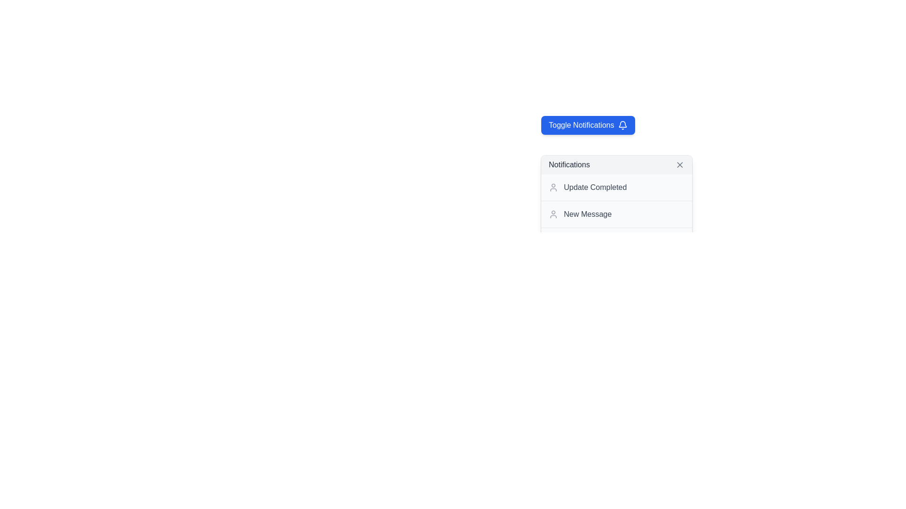 The image size is (906, 509). What do you see at coordinates (587, 214) in the screenshot?
I see `the 'New Message' text, which is rendered in gray color and is the second textual component in the notification dropdown` at bounding box center [587, 214].